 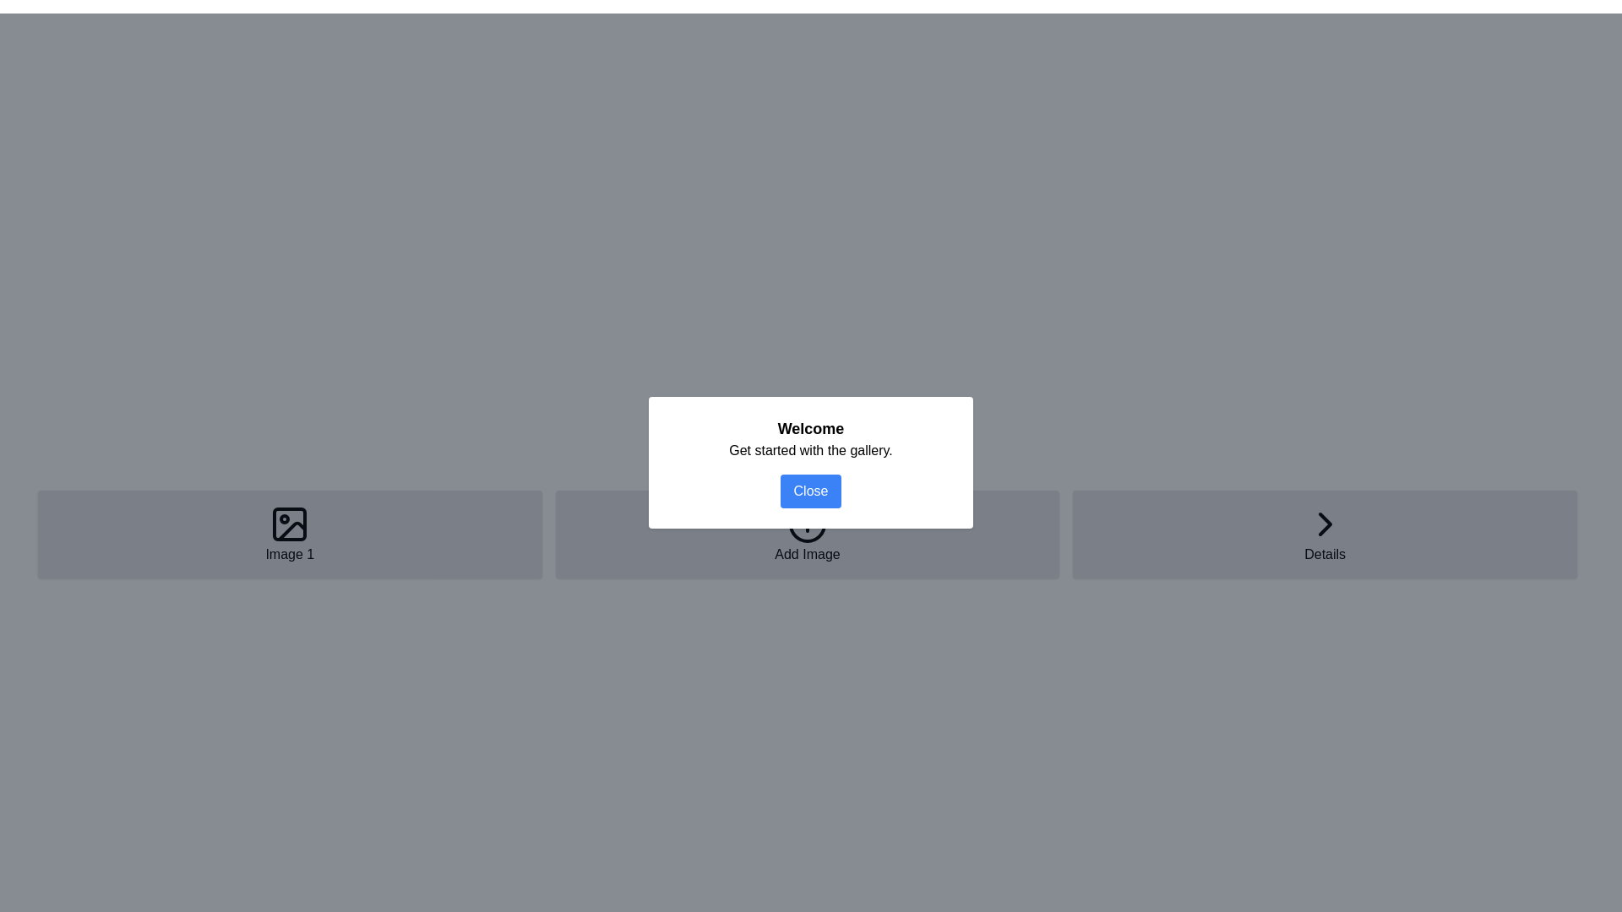 I want to click on the static text element displaying 'Welcome' which is positioned at the center-top of a white rectangular modal overlay, so click(x=811, y=428).